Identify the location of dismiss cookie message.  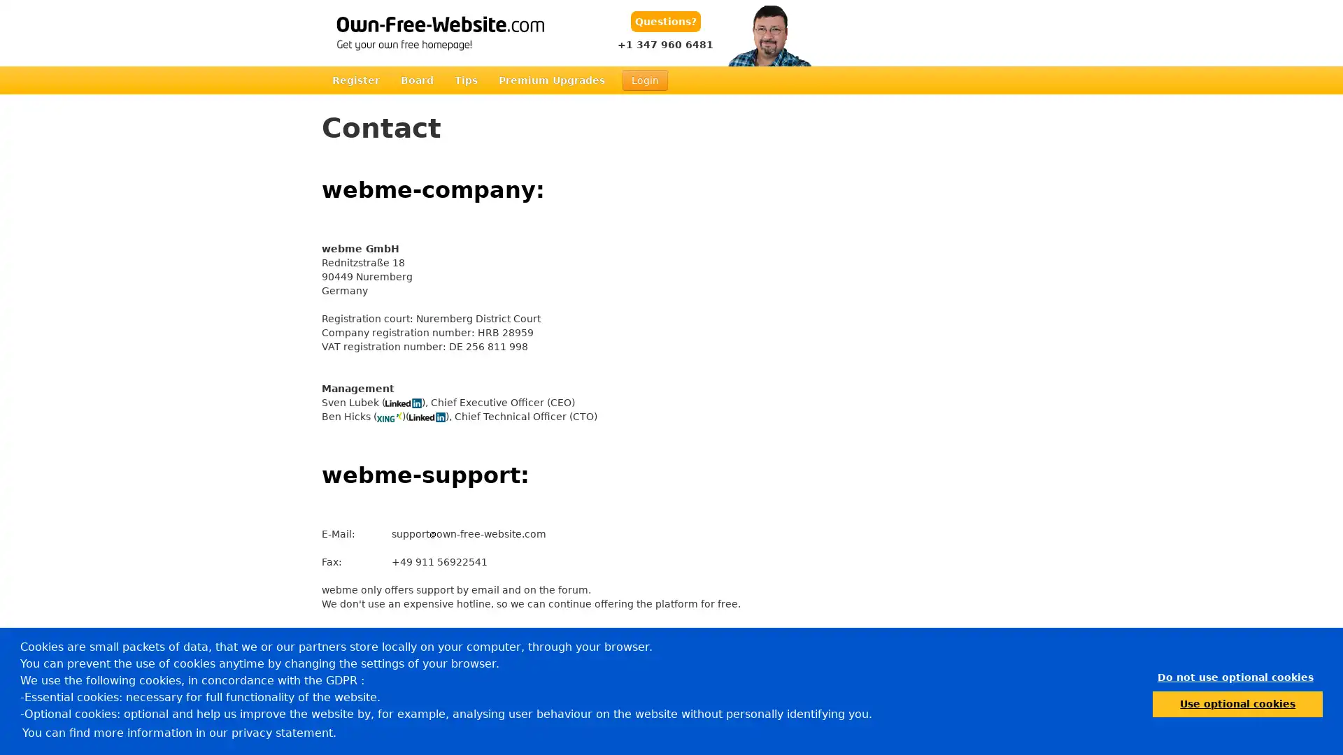
(1235, 677).